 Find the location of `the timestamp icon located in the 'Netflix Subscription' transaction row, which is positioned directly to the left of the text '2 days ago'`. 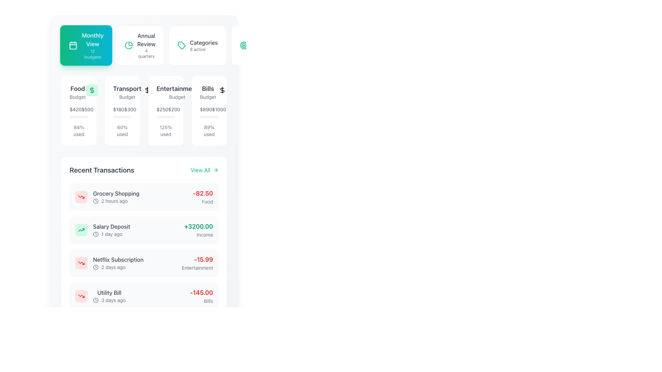

the timestamp icon located in the 'Netflix Subscription' transaction row, which is positioned directly to the left of the text '2 days ago' is located at coordinates (96, 267).